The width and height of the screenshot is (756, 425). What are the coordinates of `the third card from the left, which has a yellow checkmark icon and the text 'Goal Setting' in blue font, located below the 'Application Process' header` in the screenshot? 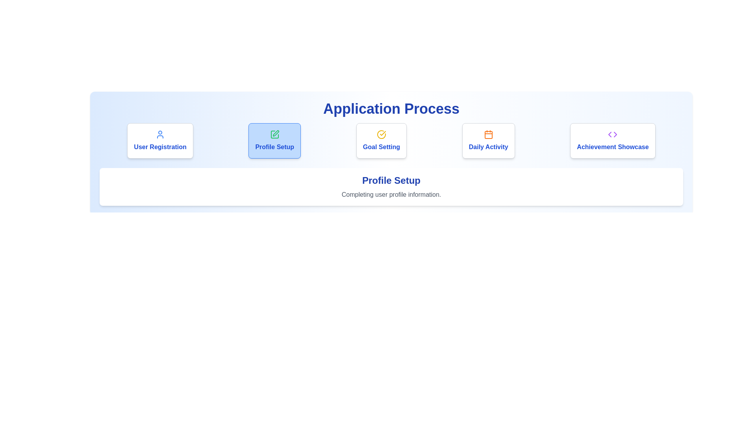 It's located at (382, 140).